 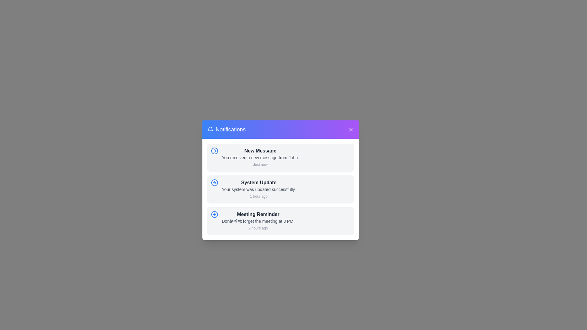 I want to click on the circular SVG element that is part of the icon on the left side of the 'New Message' list item in the notification panel, so click(x=214, y=182).